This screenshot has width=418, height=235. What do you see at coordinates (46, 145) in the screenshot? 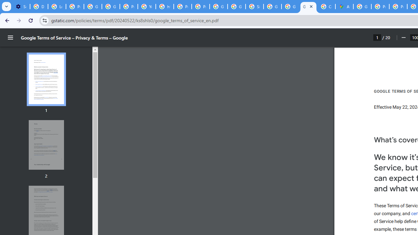
I see `'Thumbnail for page 2'` at bounding box center [46, 145].